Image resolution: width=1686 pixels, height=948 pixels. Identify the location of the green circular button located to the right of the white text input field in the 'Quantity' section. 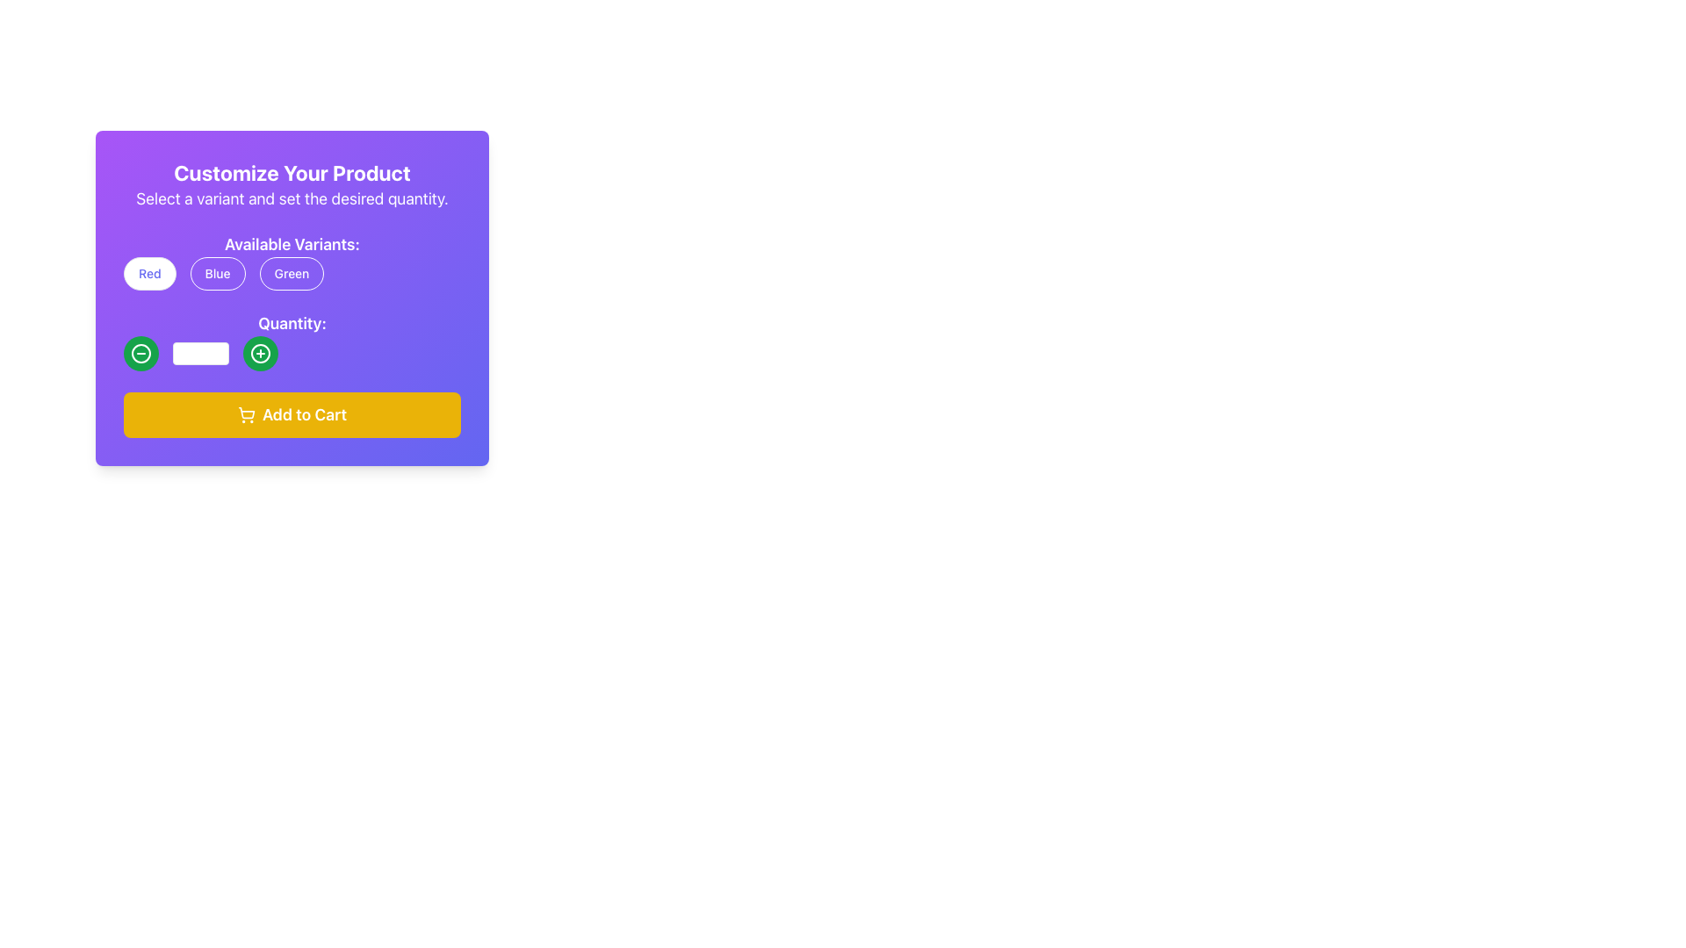
(260, 353).